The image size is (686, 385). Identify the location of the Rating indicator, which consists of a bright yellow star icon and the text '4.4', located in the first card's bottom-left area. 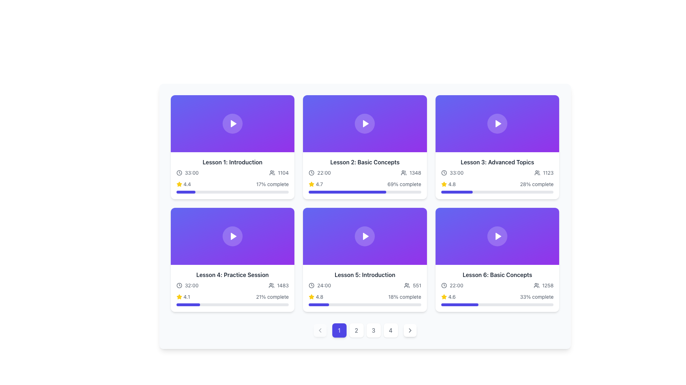
(183, 184).